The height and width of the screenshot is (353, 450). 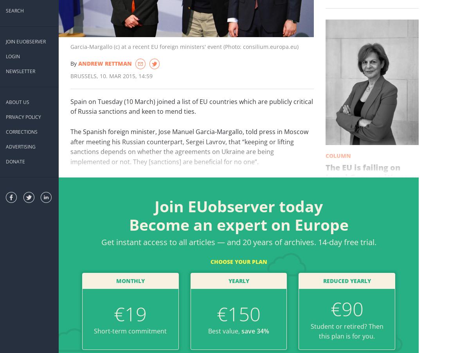 What do you see at coordinates (130, 313) in the screenshot?
I see `'€19'` at bounding box center [130, 313].